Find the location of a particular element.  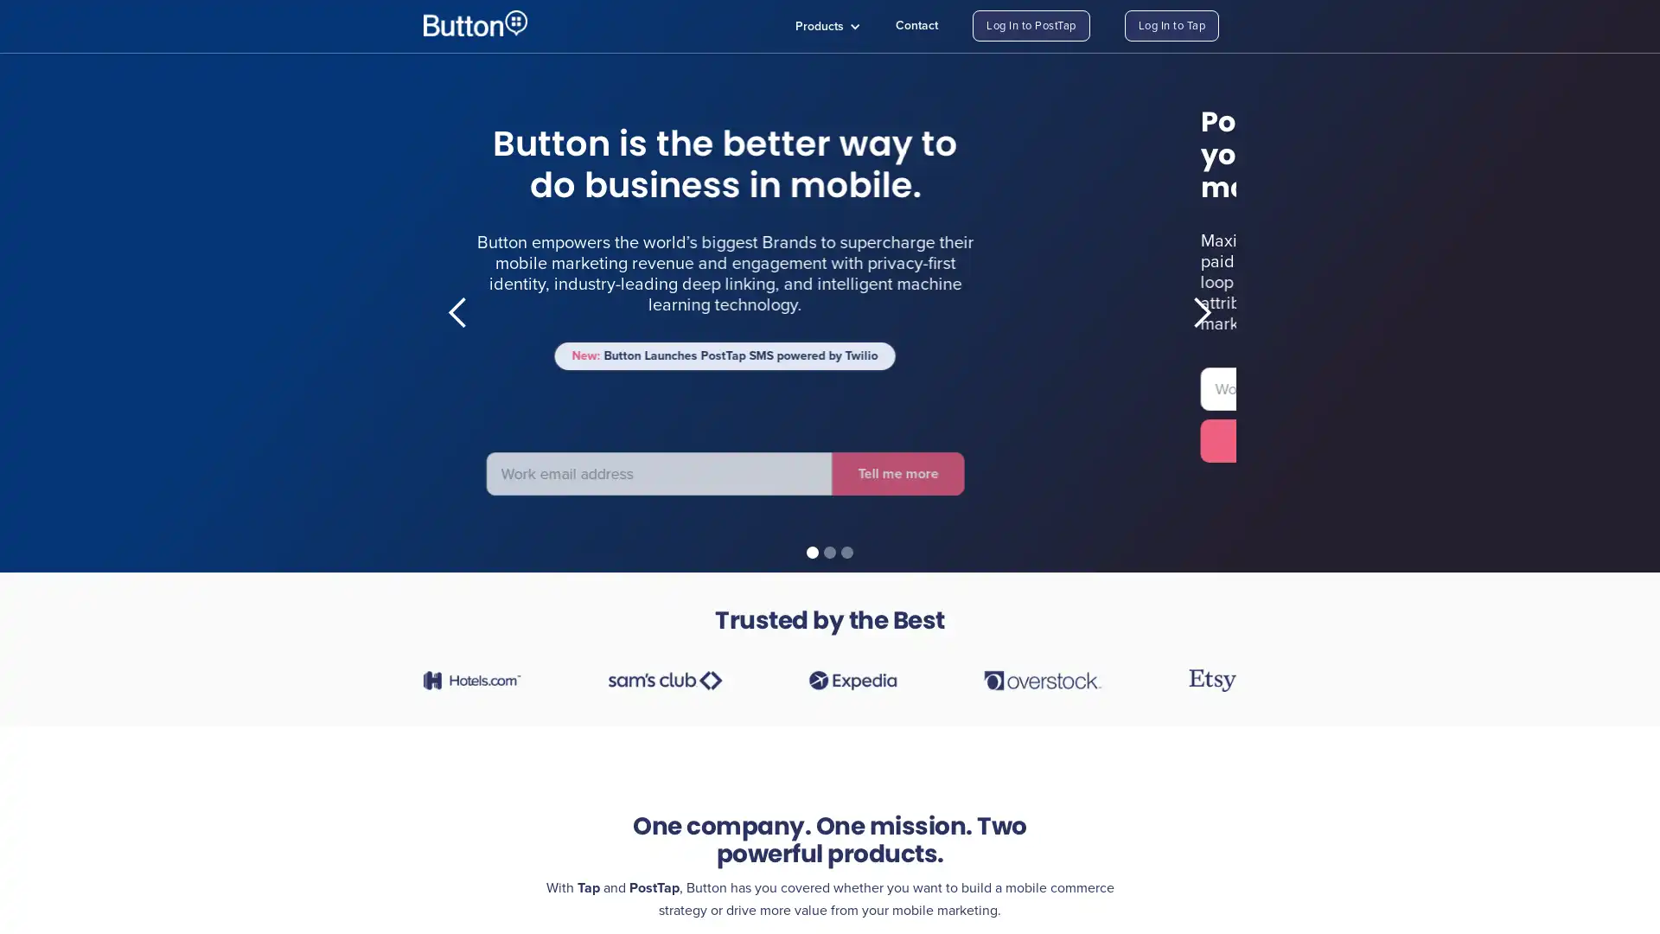

Show slide 1 of 3 is located at coordinates (812, 553).